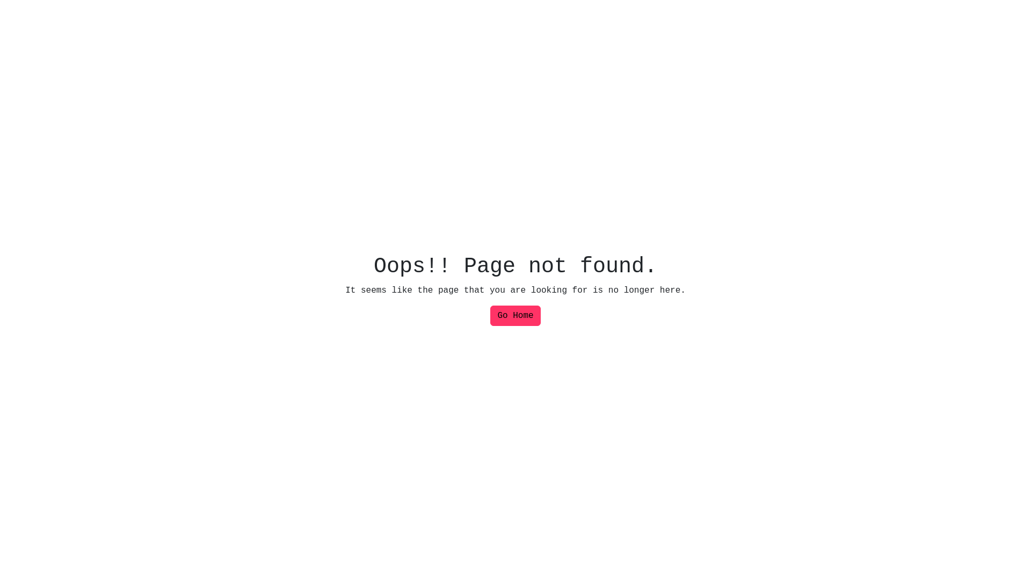  I want to click on 'Go Home', so click(514, 315).